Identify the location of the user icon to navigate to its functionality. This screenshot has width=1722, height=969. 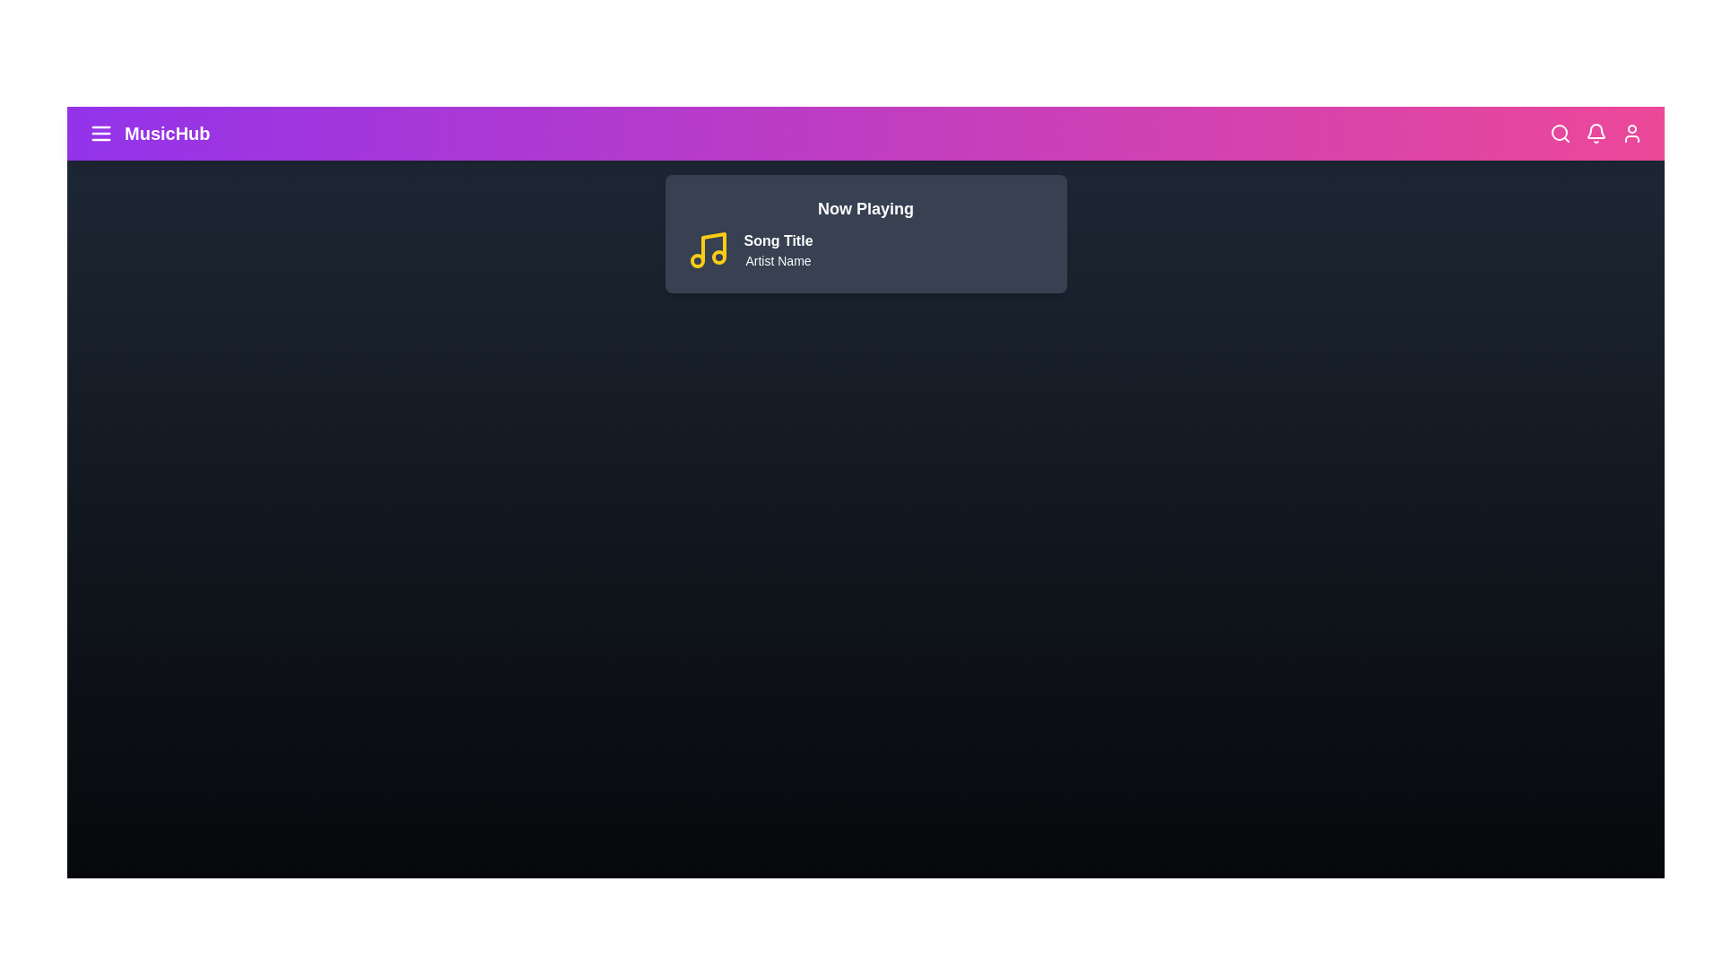
(1631, 133).